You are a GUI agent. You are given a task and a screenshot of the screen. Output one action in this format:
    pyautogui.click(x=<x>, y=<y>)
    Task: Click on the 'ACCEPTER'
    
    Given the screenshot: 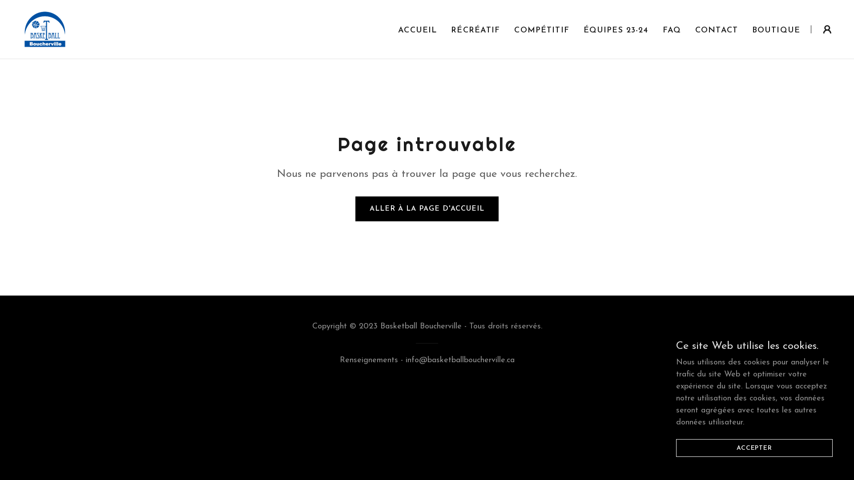 What is the action you would take?
    pyautogui.click(x=753, y=448)
    